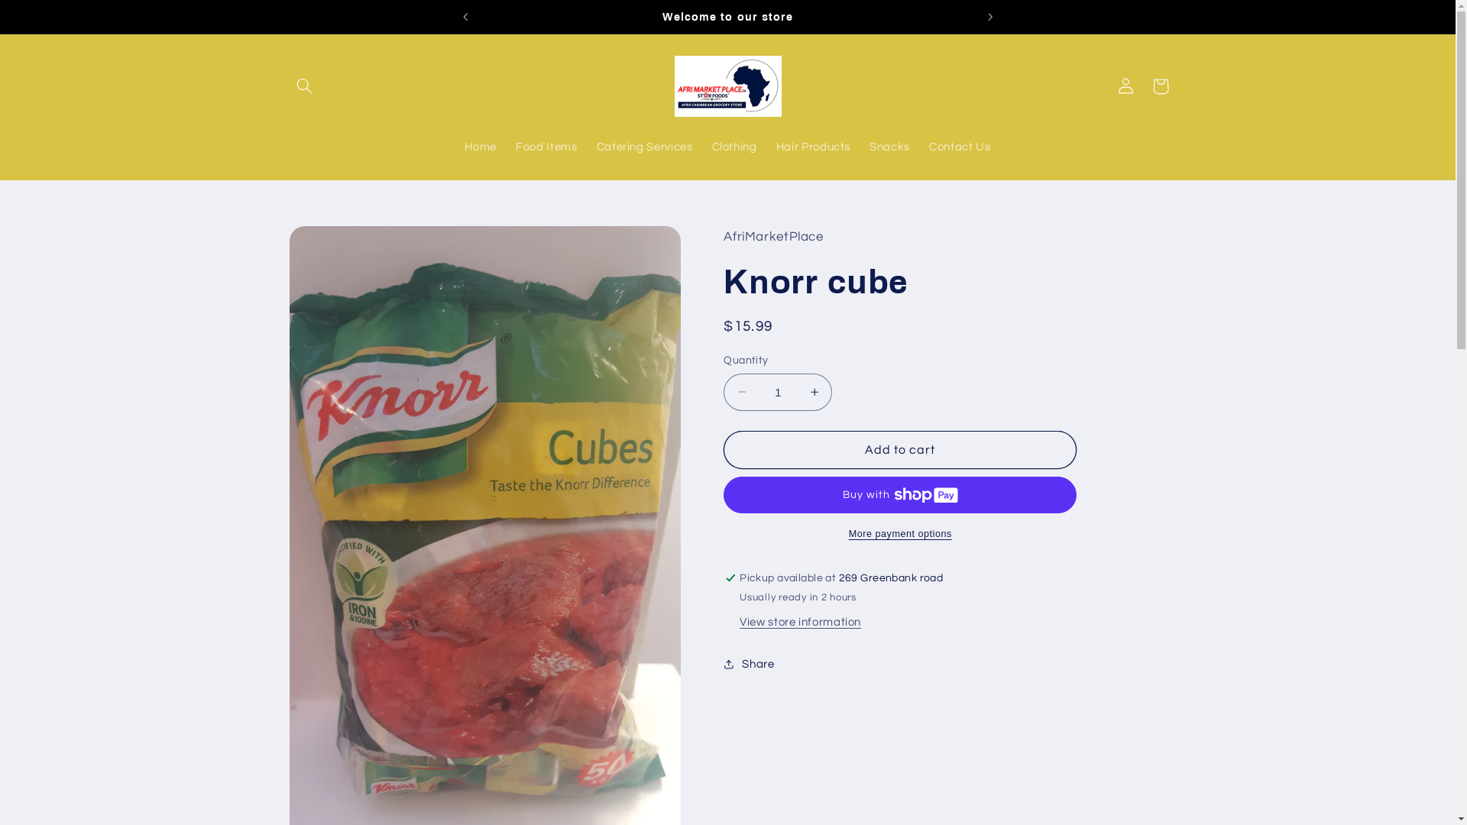  Describe the element at coordinates (899, 448) in the screenshot. I see `'Add to cart'` at that location.